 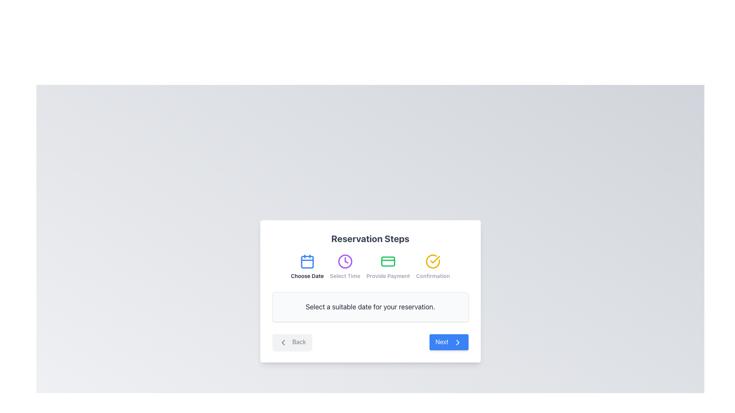 What do you see at coordinates (433, 276) in the screenshot?
I see `the text label that says 'Confirmation', which is styled in a small, bold font and is the last in the sequence of steps under the 'Reservation Steps' heading` at bounding box center [433, 276].